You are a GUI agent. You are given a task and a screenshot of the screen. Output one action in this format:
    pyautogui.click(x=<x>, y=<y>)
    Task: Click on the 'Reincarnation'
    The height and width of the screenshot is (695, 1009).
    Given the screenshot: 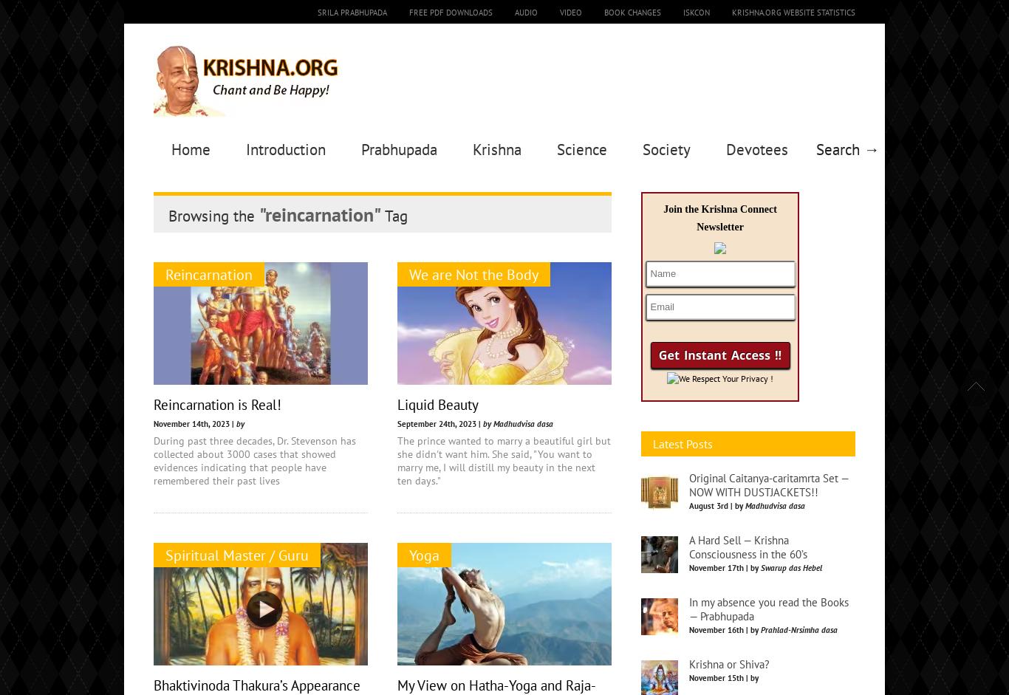 What is the action you would take?
    pyautogui.click(x=209, y=274)
    